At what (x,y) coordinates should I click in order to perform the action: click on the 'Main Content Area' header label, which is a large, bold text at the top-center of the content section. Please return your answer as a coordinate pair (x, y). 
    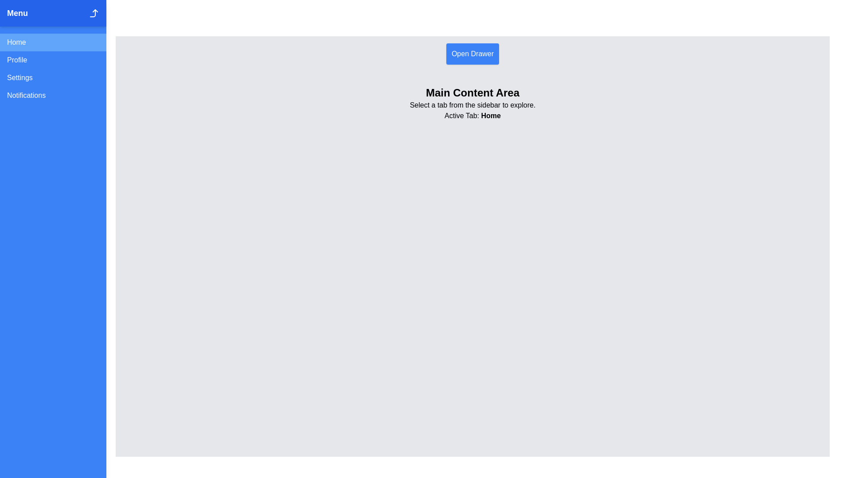
    Looking at the image, I should click on (472, 93).